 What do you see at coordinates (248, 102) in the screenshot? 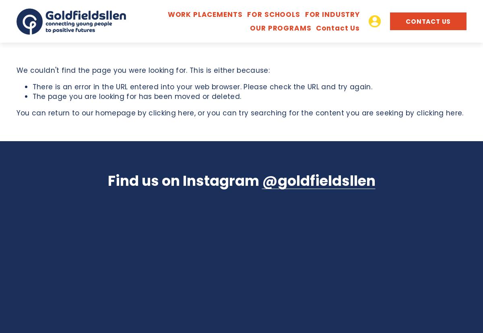
I see `'Young Industry Ambassadors'` at bounding box center [248, 102].